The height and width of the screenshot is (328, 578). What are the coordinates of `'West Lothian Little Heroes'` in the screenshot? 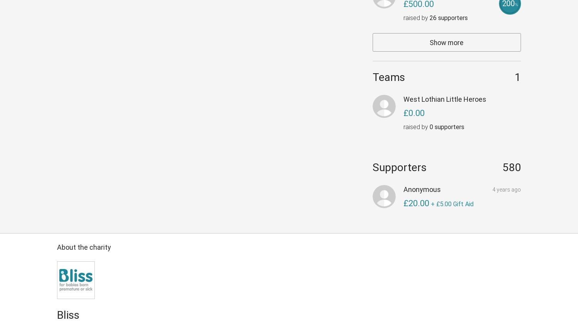 It's located at (444, 99).